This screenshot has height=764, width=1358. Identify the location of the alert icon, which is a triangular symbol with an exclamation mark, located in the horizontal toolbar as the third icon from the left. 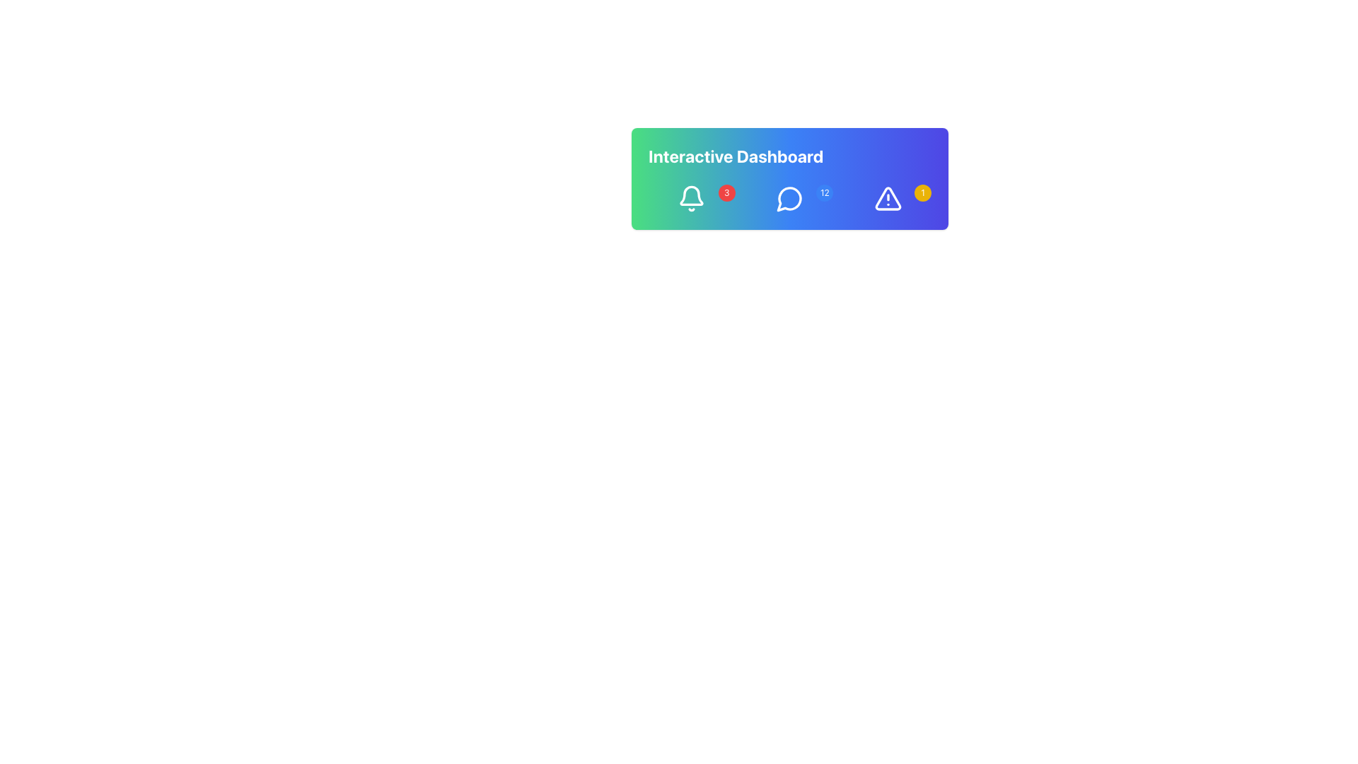
(887, 199).